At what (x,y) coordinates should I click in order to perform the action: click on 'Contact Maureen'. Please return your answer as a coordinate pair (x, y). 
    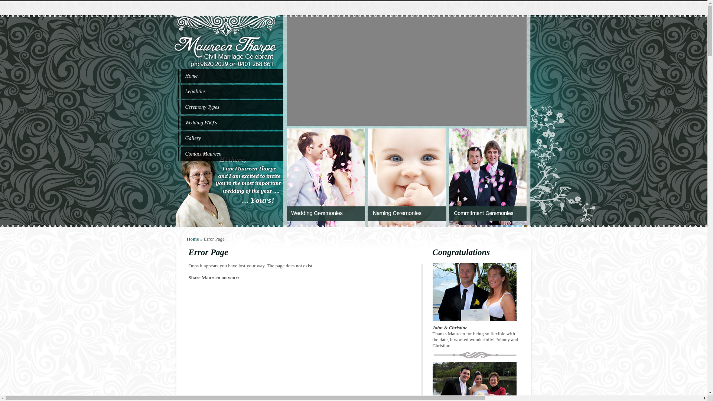
    Looking at the image, I should click on (203, 153).